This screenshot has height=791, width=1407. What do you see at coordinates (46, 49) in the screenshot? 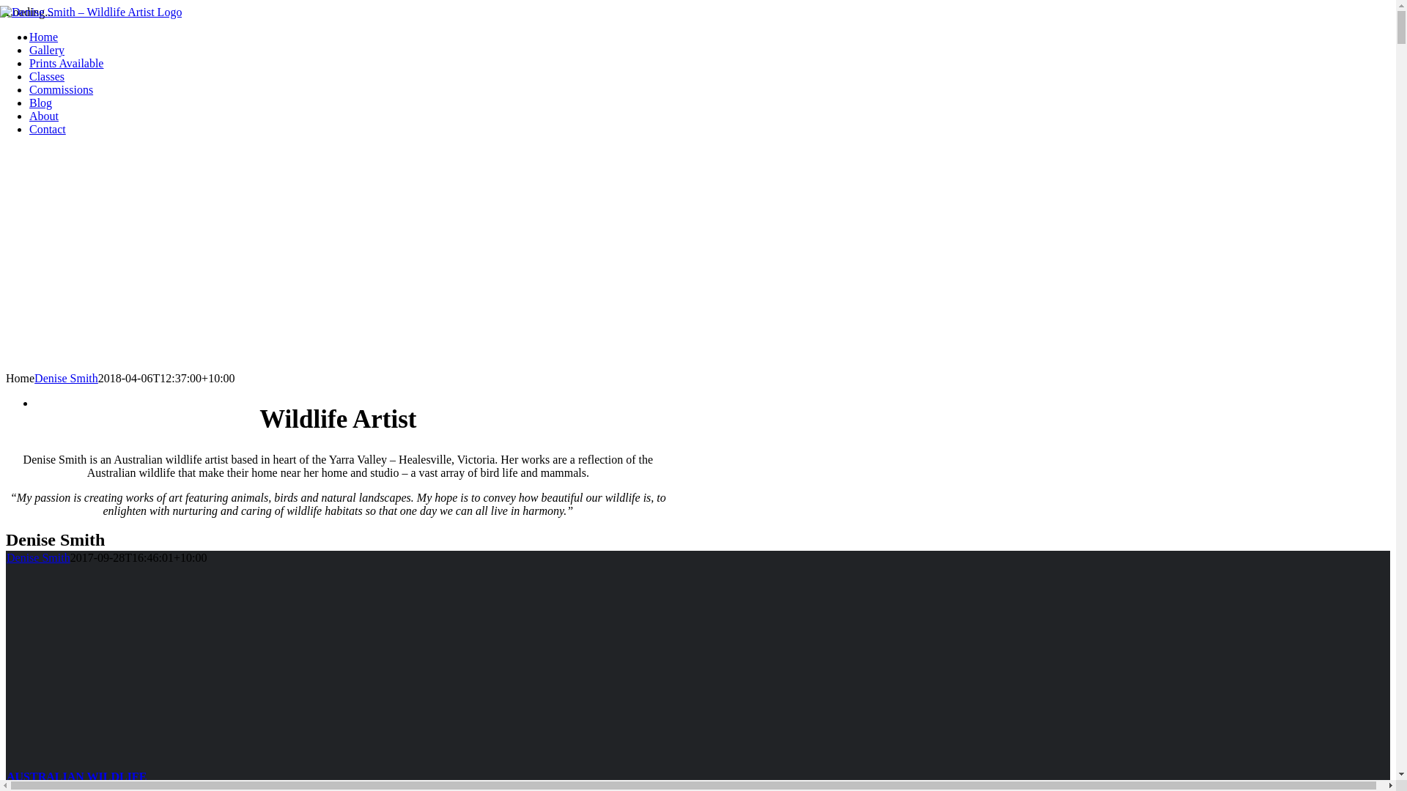
I see `'Gallery'` at bounding box center [46, 49].